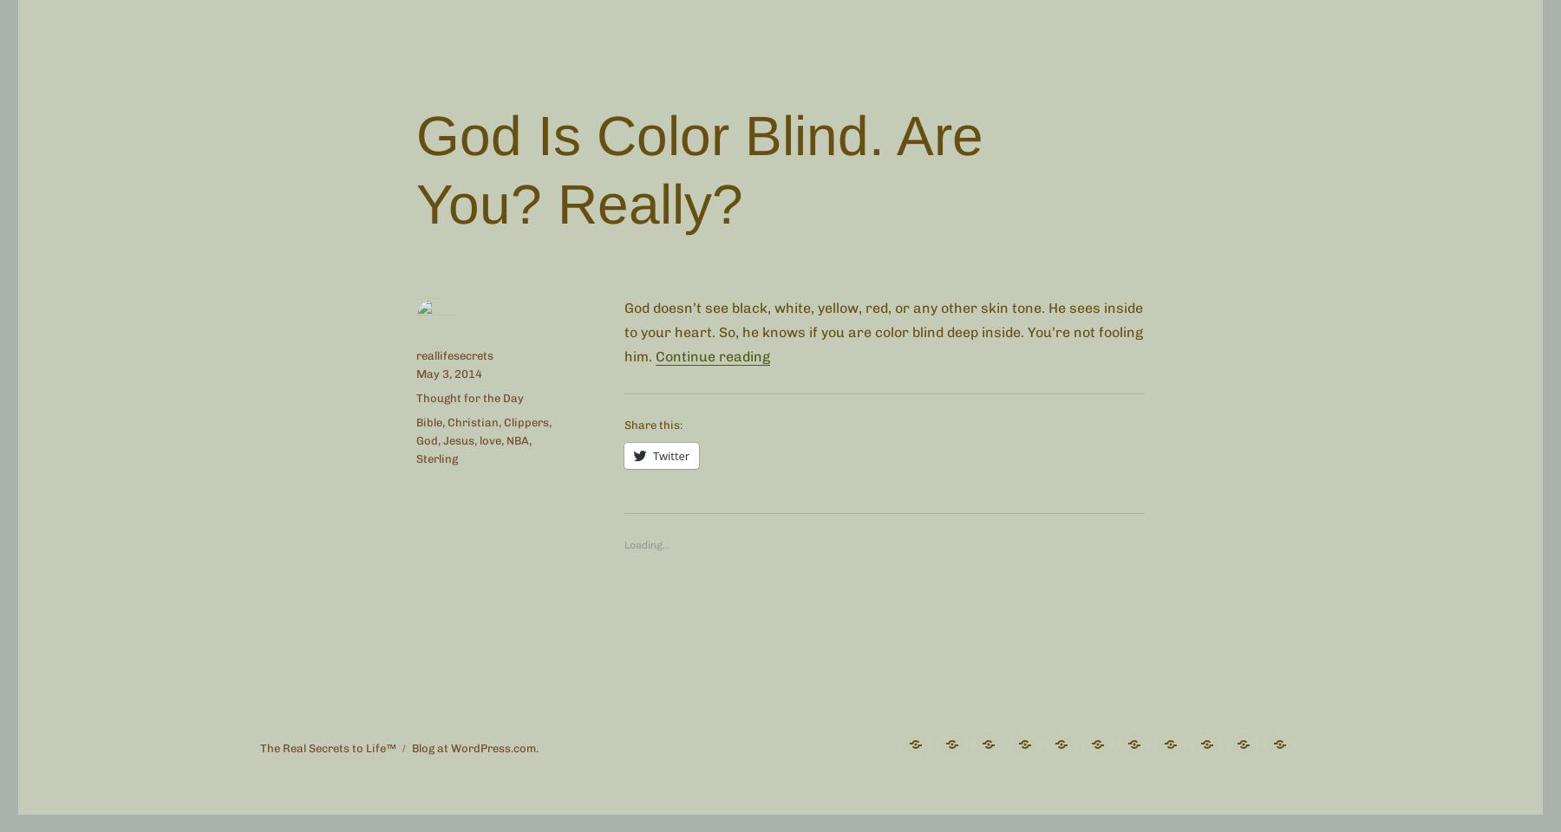 The height and width of the screenshot is (832, 1561). I want to click on 'love', so click(490, 439).